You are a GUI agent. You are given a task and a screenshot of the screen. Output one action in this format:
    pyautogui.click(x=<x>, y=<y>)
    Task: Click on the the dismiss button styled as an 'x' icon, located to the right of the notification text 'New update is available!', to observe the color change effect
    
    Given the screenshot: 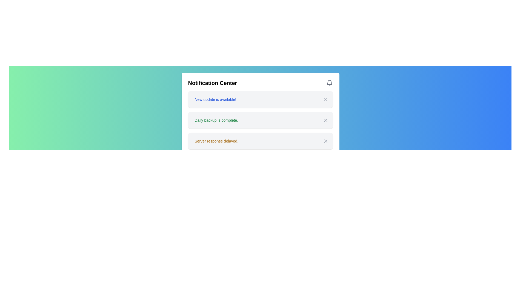 What is the action you would take?
    pyautogui.click(x=325, y=99)
    